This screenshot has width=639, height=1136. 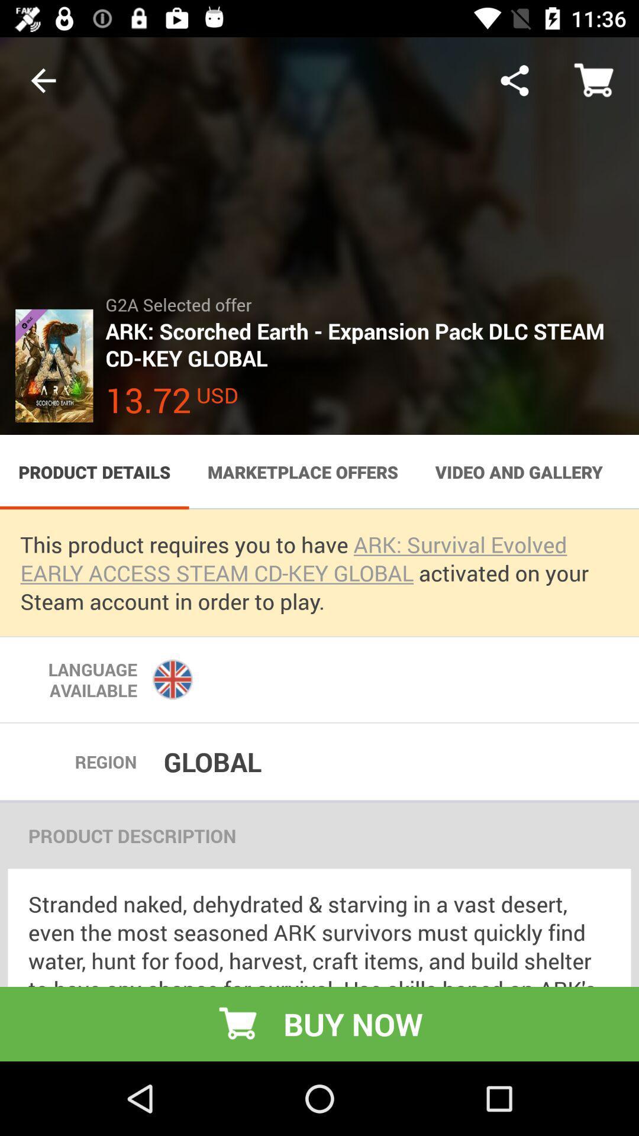 I want to click on the icon above language available, so click(x=319, y=573).